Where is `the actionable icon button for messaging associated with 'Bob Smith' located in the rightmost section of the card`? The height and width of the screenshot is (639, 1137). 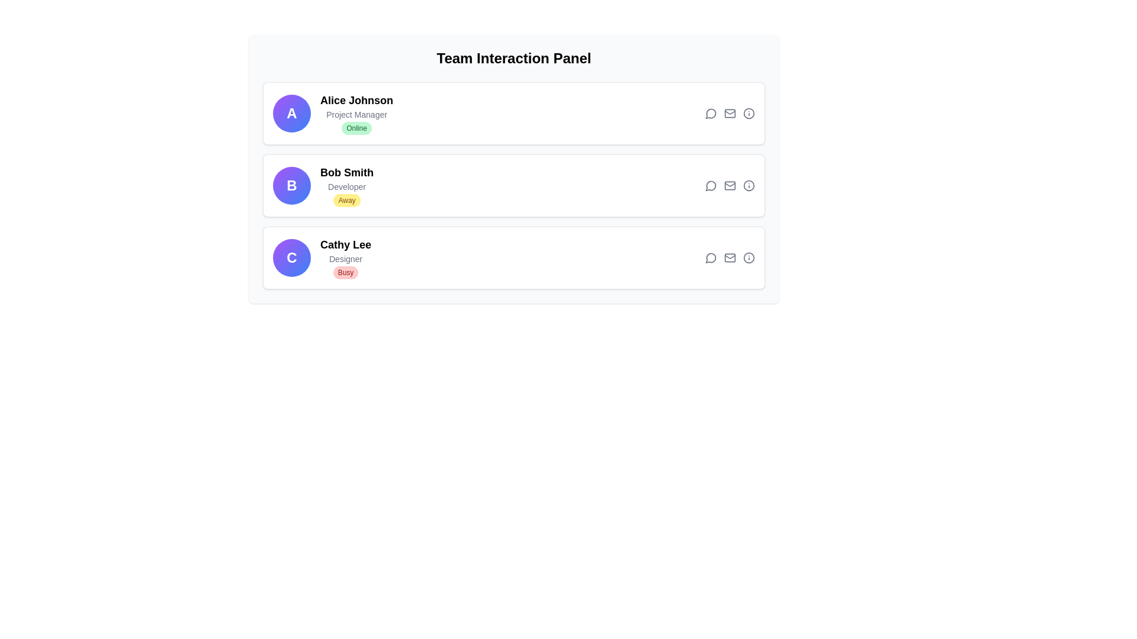
the actionable icon button for messaging associated with 'Bob Smith' located in the rightmost section of the card is located at coordinates (730, 185).